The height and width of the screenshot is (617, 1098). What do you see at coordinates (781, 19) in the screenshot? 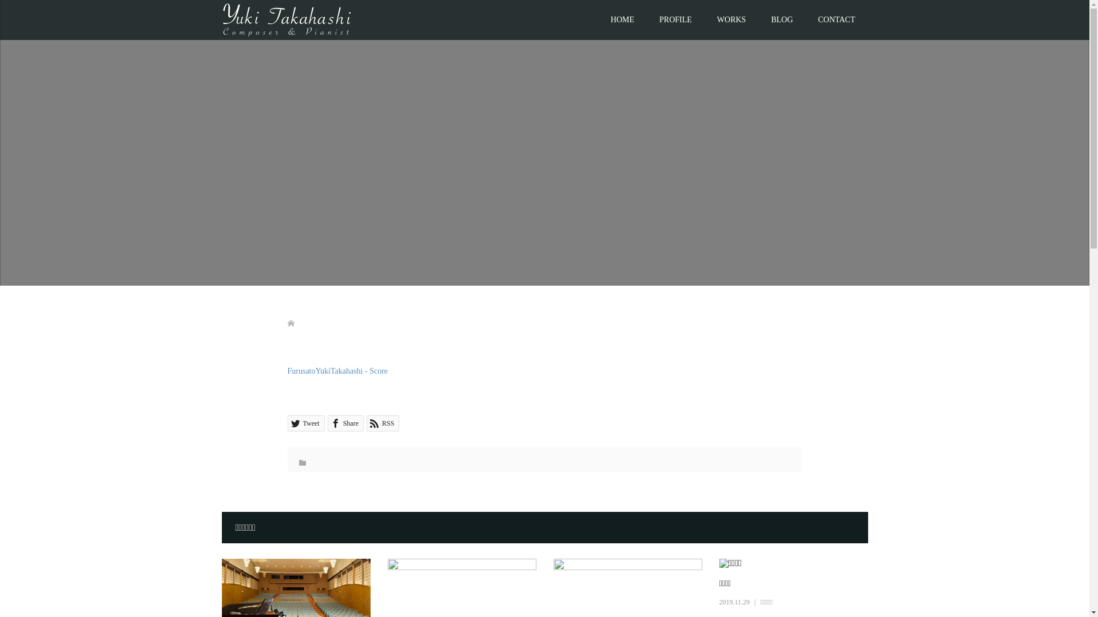
I see `'BLOG'` at bounding box center [781, 19].